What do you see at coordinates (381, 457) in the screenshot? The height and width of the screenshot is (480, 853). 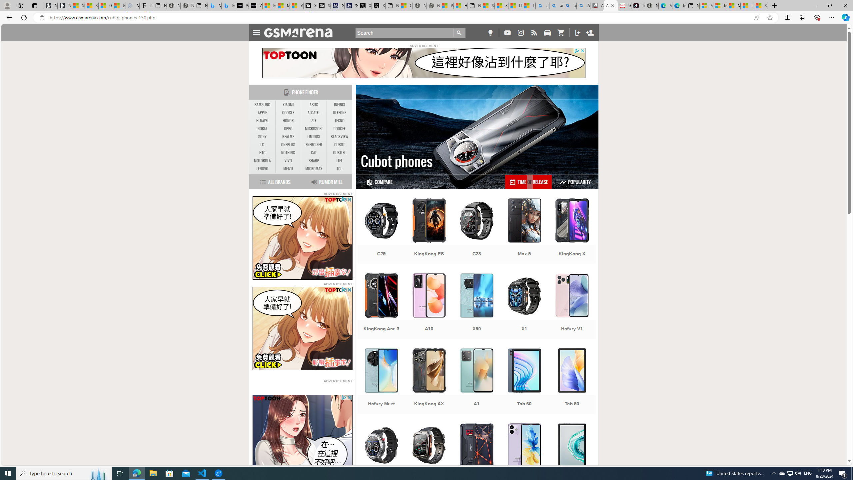 I see `'C21'` at bounding box center [381, 457].